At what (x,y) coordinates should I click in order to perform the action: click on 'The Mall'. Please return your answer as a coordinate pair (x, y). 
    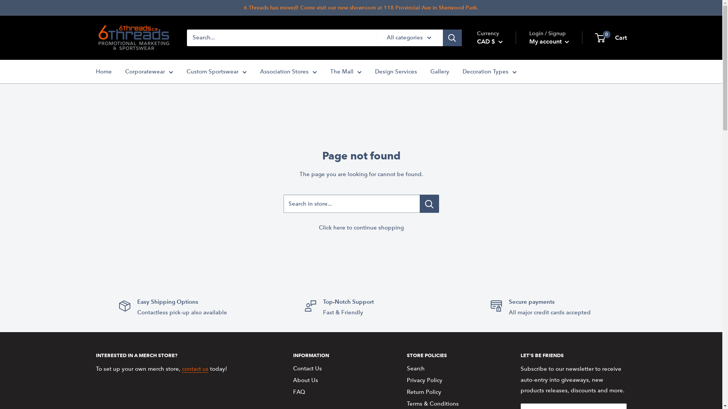
    Looking at the image, I should click on (345, 72).